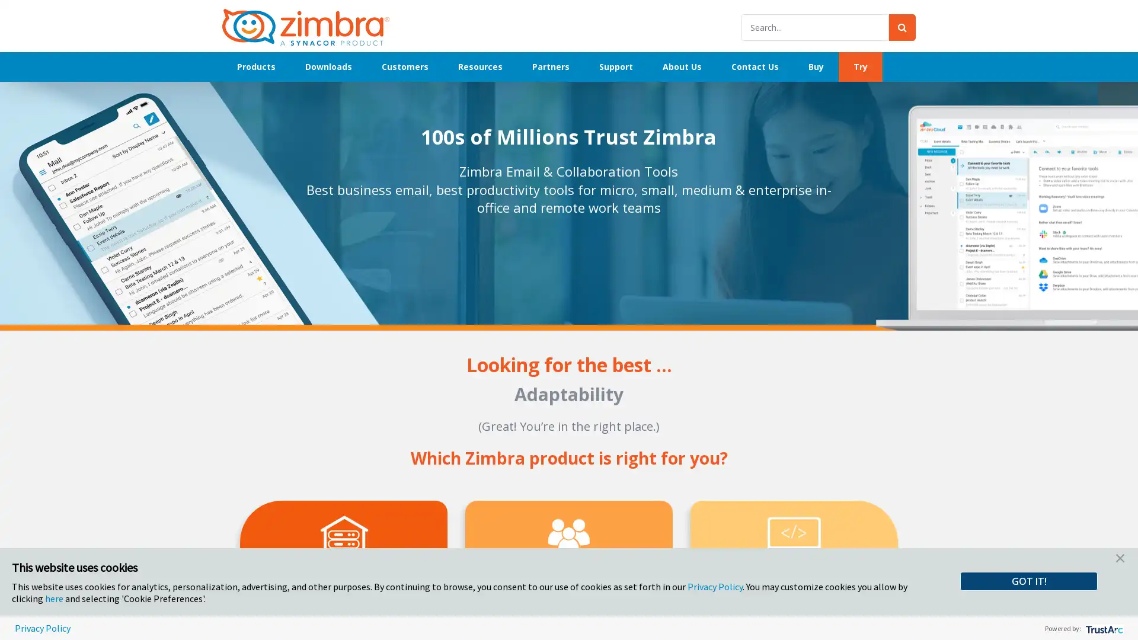 The width and height of the screenshot is (1138, 640). I want to click on Search, so click(902, 27).